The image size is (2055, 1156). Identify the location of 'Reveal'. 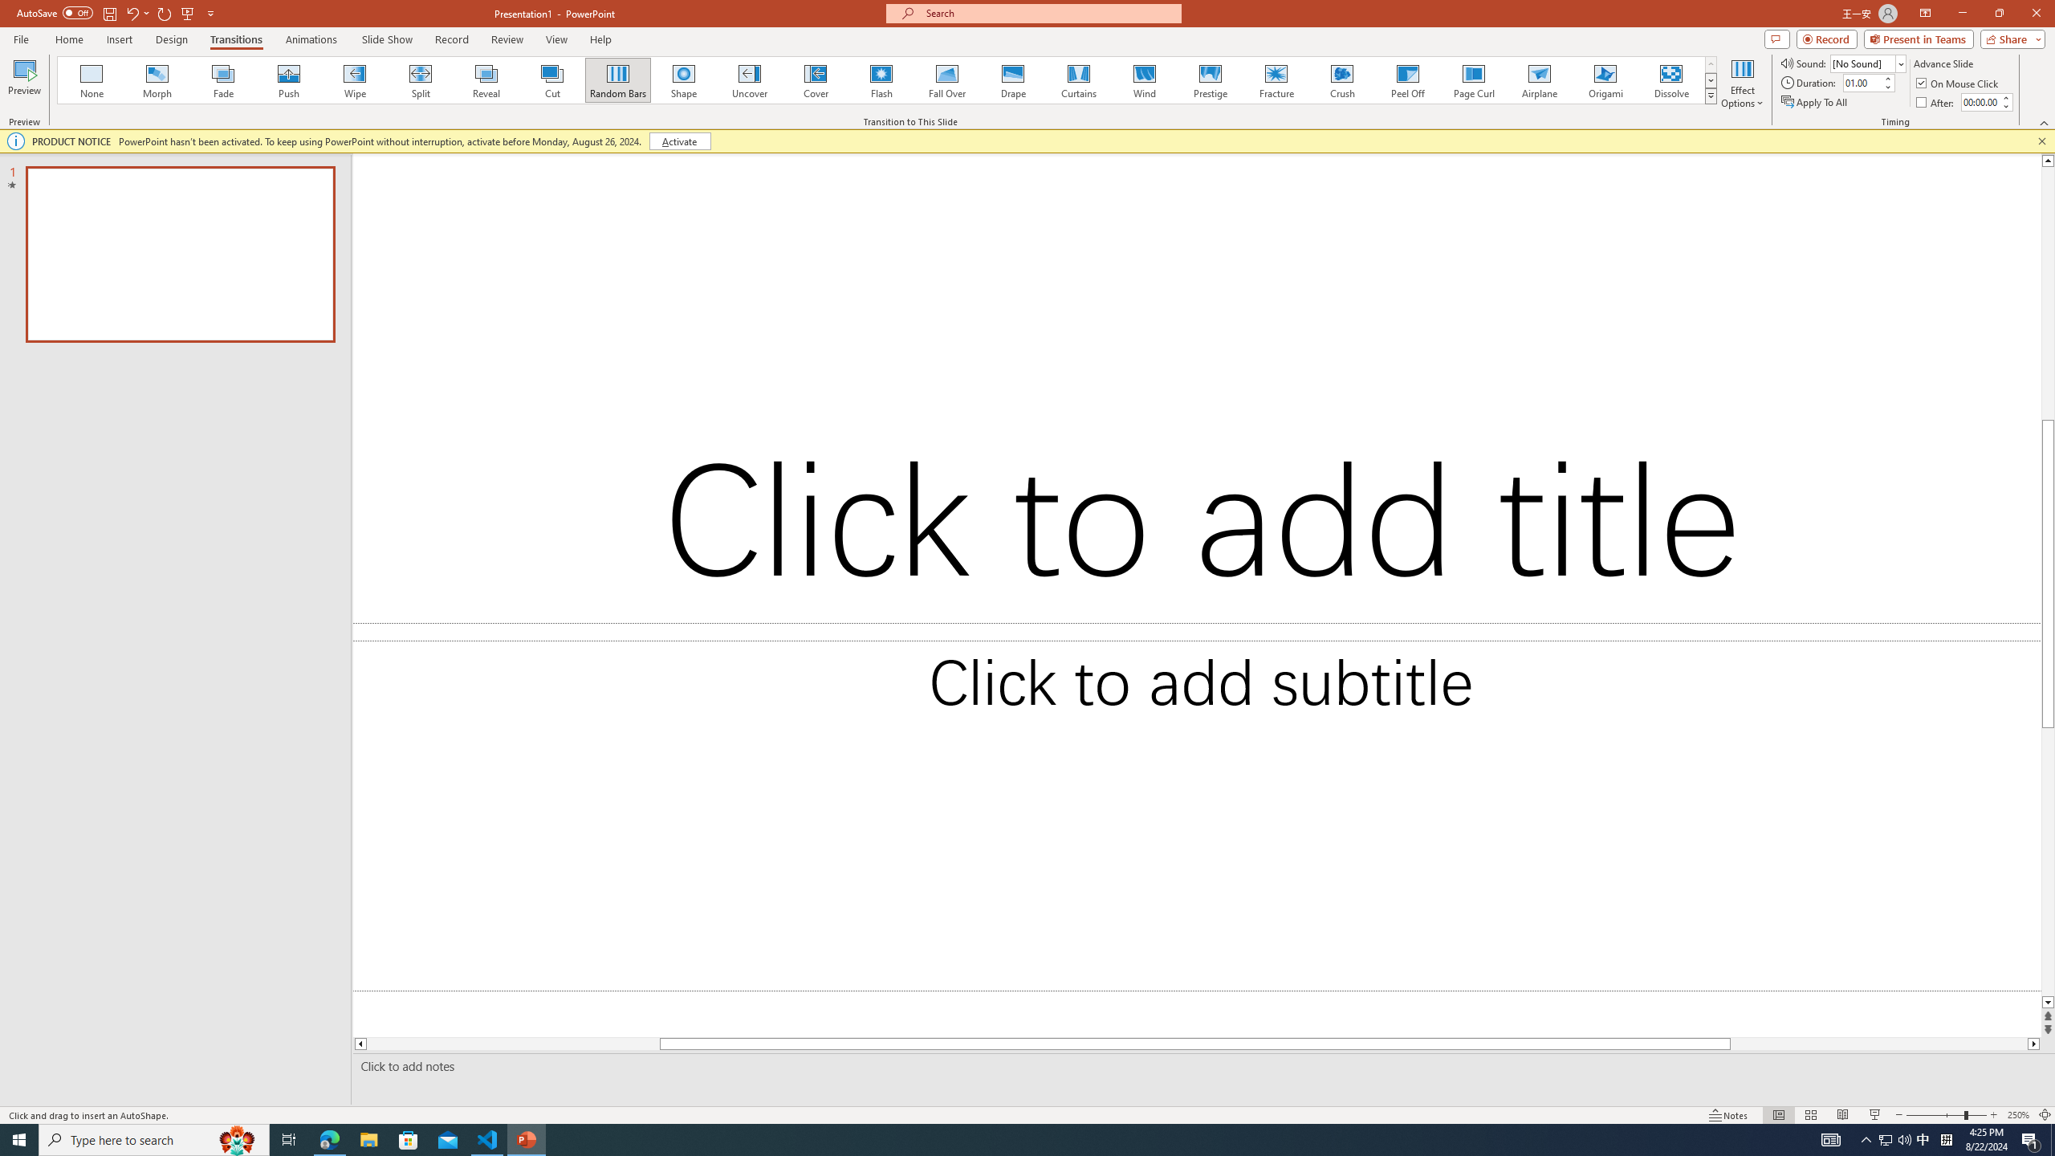
(486, 79).